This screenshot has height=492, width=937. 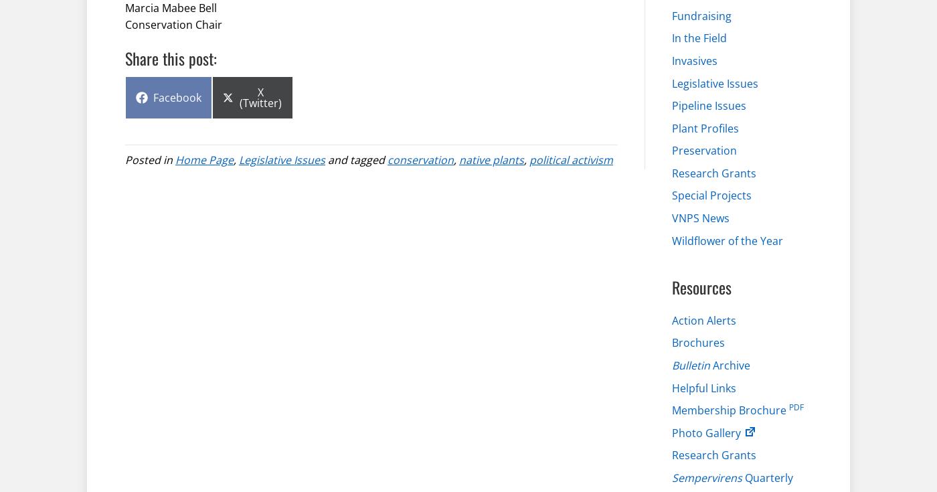 What do you see at coordinates (701, 217) in the screenshot?
I see `'VNPS News'` at bounding box center [701, 217].